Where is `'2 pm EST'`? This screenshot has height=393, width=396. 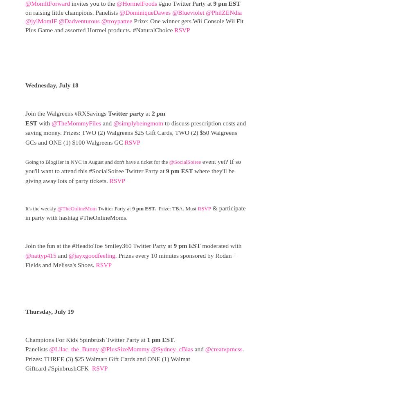 '2 pm EST' is located at coordinates (94, 118).